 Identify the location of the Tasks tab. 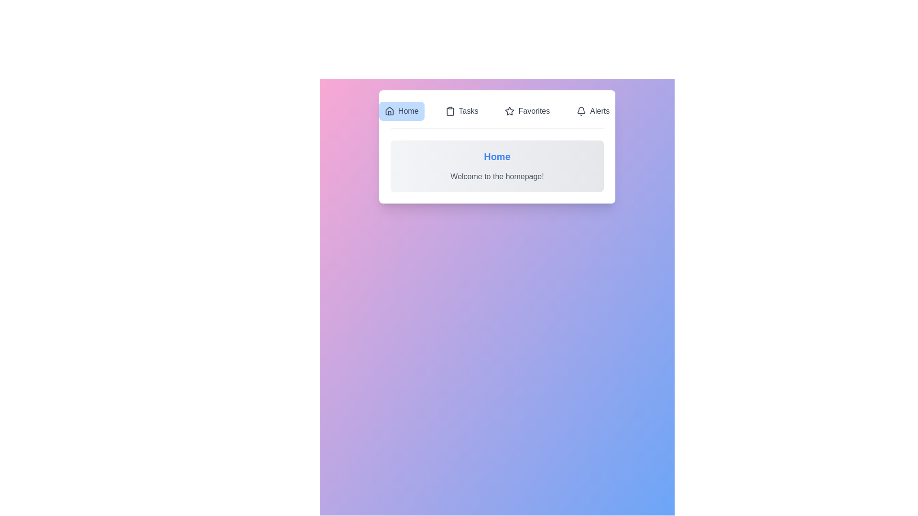
(461, 110).